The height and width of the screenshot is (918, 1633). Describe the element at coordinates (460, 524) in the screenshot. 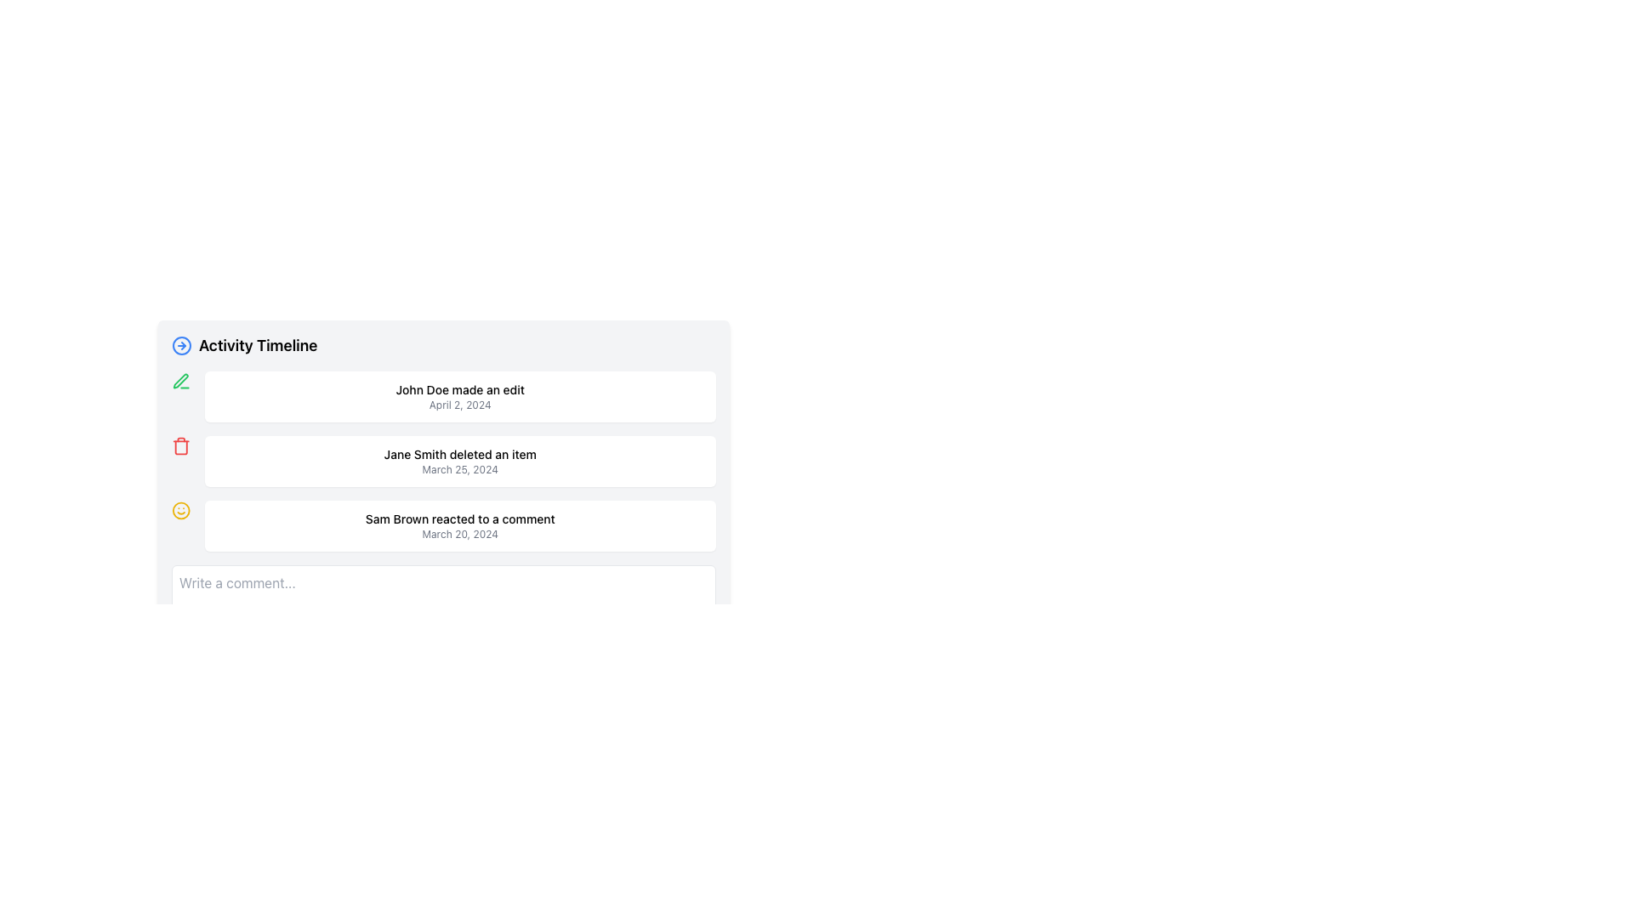

I see `information displayed in the third activity log entry in the 'Activity Timeline' section, which shows a reaction to a comment and its timestamp` at that location.